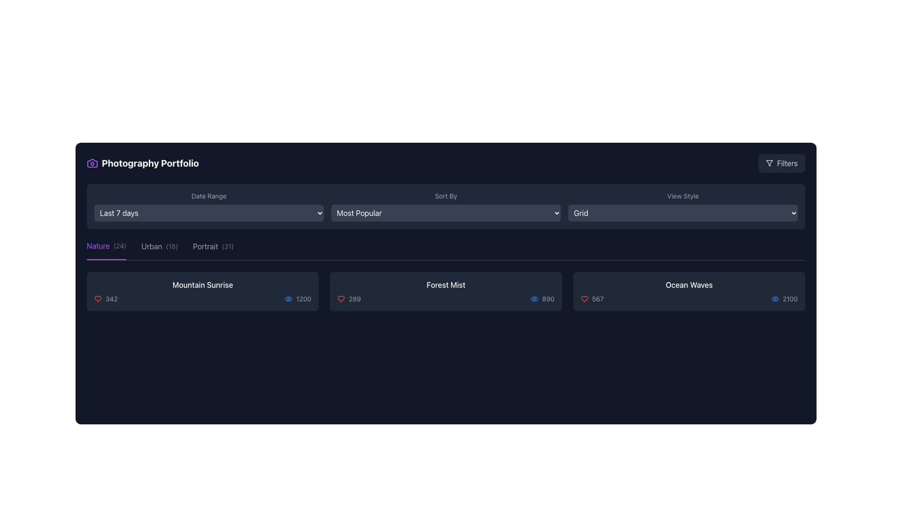 This screenshot has width=901, height=507. Describe the element at coordinates (445, 291) in the screenshot. I see `the middle grid item titled 'Forest Mist', which contains a heart icon with '289' likes and an eye icon with '890' views, located in the Photography Portfolio interface` at that location.